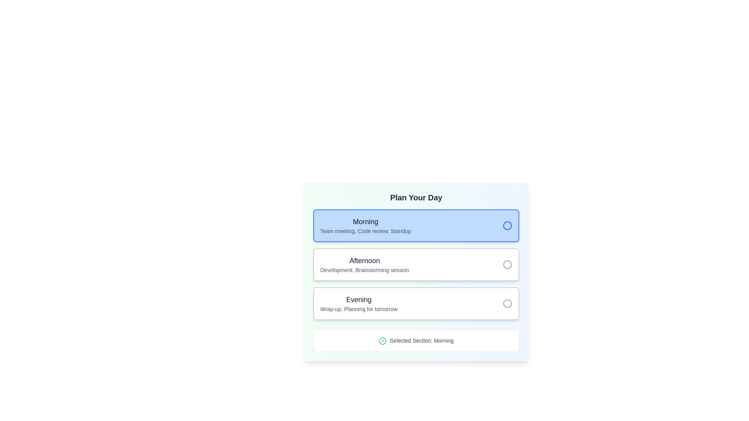 This screenshot has height=421, width=749. Describe the element at coordinates (364, 270) in the screenshot. I see `the text element that provides additional context for the 'Afternoon' section, located at the center of the interface` at that location.